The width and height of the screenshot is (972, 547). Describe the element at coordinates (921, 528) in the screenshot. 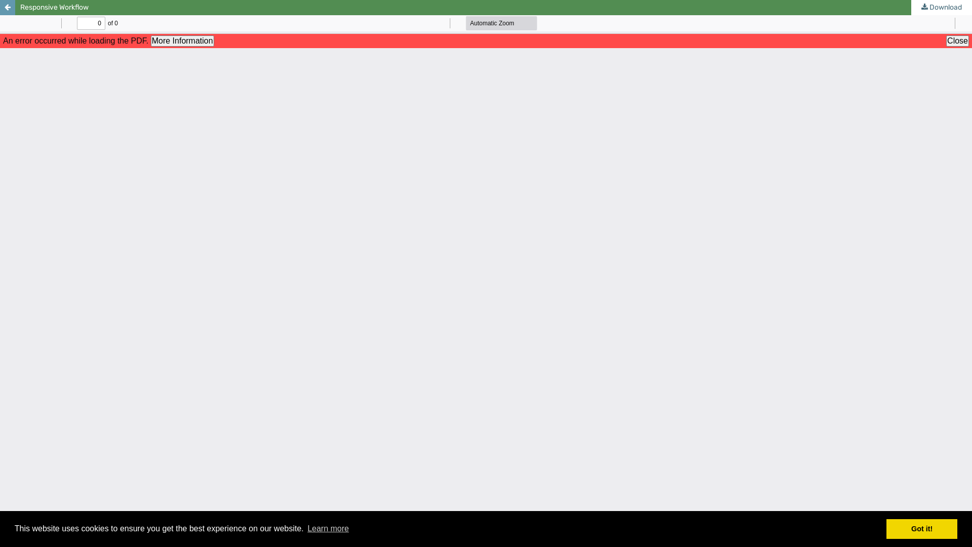

I see `'Got it!'` at that location.